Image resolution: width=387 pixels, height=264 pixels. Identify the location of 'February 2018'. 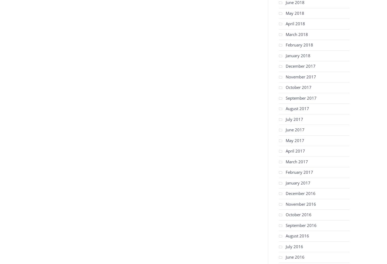
(299, 45).